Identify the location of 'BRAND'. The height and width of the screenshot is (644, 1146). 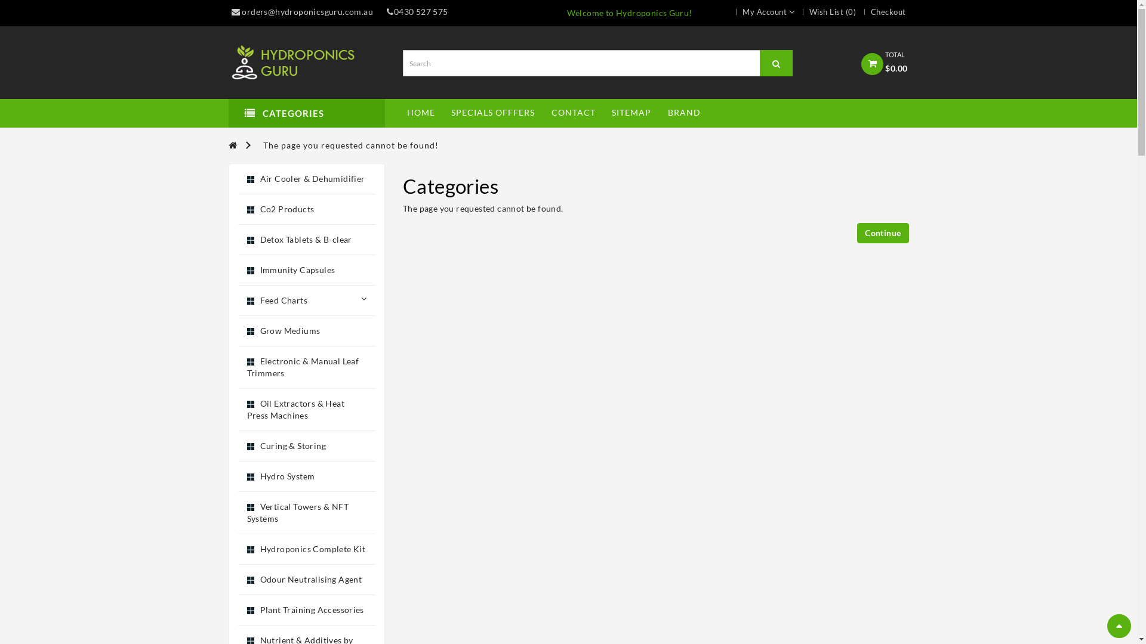
(684, 113).